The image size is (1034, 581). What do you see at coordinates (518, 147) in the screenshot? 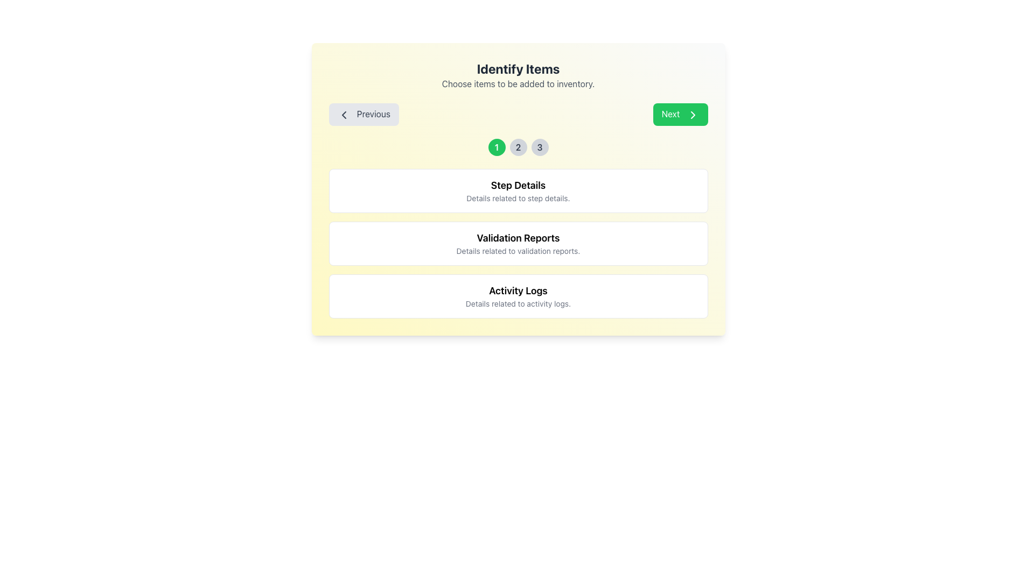
I see `the circular button encapsulating the number '2' with a gray background to trigger associated hover states` at bounding box center [518, 147].